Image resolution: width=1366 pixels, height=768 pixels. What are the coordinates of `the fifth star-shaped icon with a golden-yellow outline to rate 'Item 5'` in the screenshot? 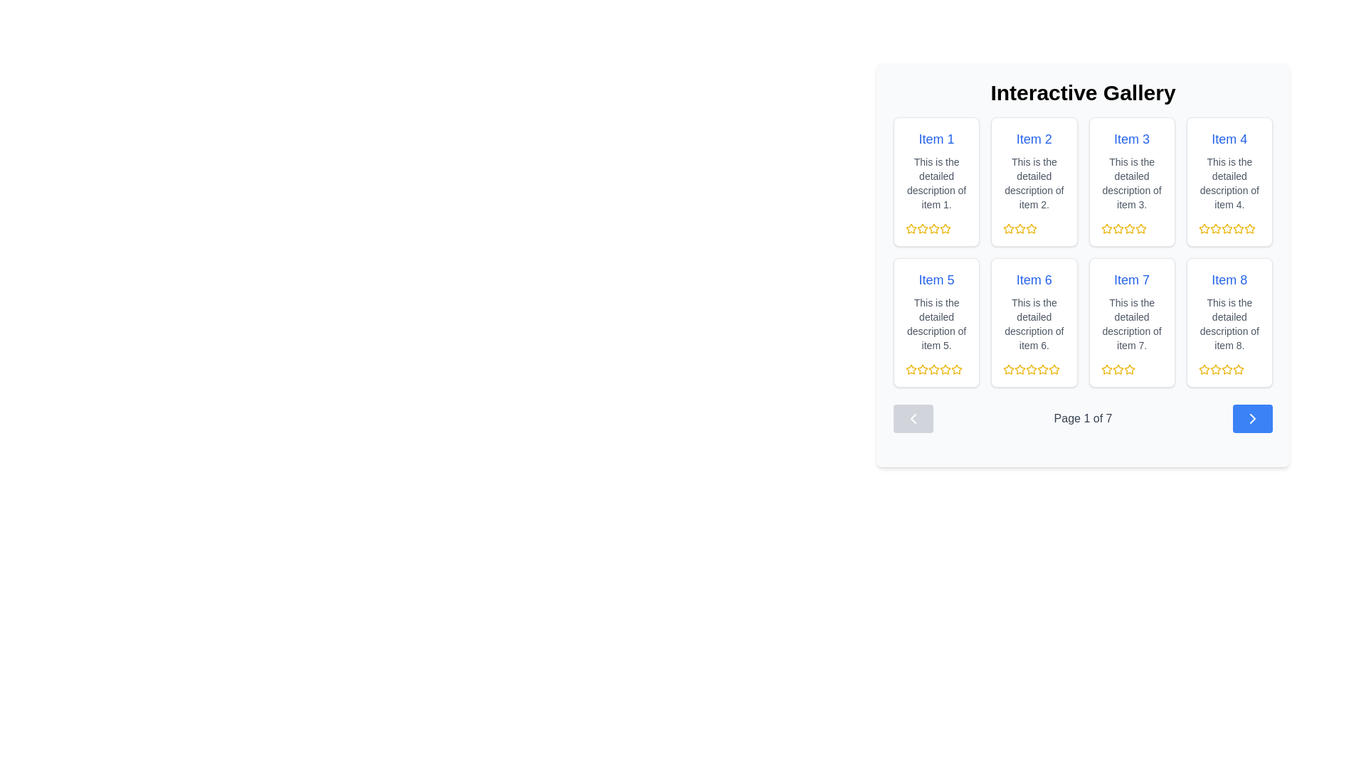 It's located at (956, 369).